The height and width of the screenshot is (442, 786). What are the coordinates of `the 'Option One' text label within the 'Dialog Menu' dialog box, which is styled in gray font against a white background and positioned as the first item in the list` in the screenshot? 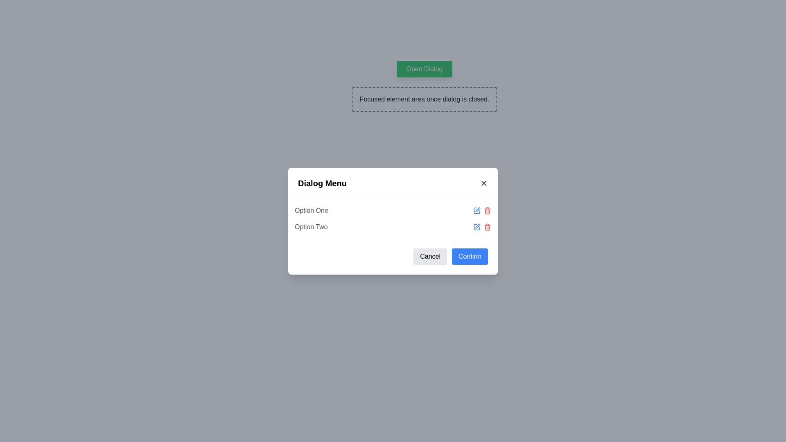 It's located at (311, 210).